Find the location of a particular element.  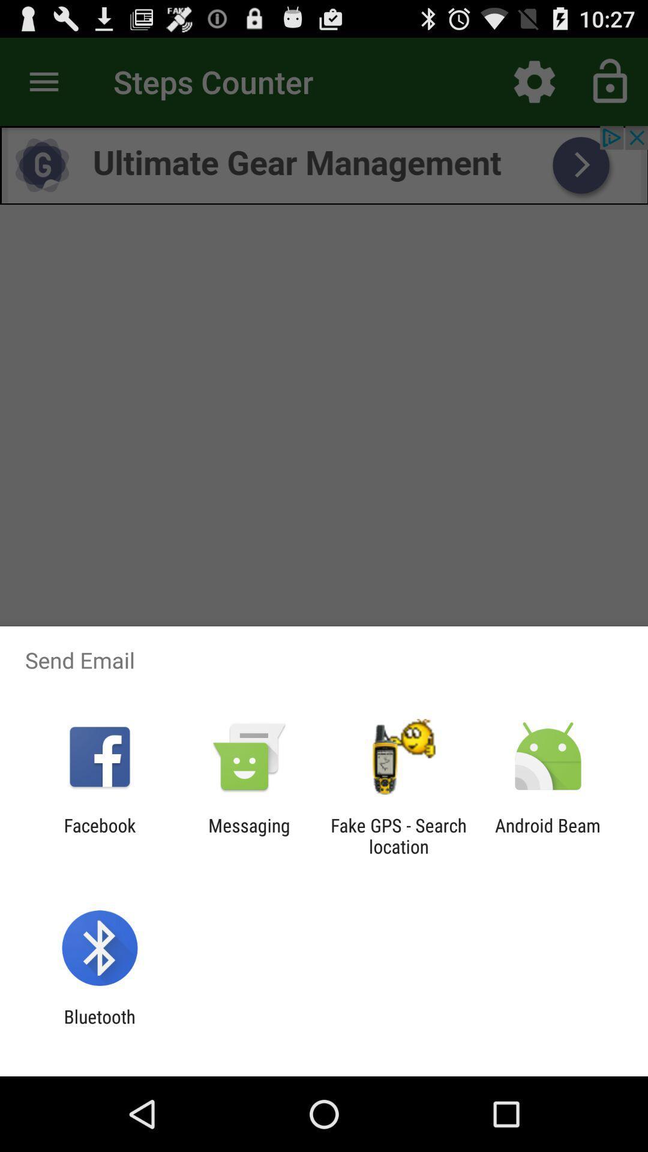

the item to the right of the messaging is located at coordinates (398, 835).